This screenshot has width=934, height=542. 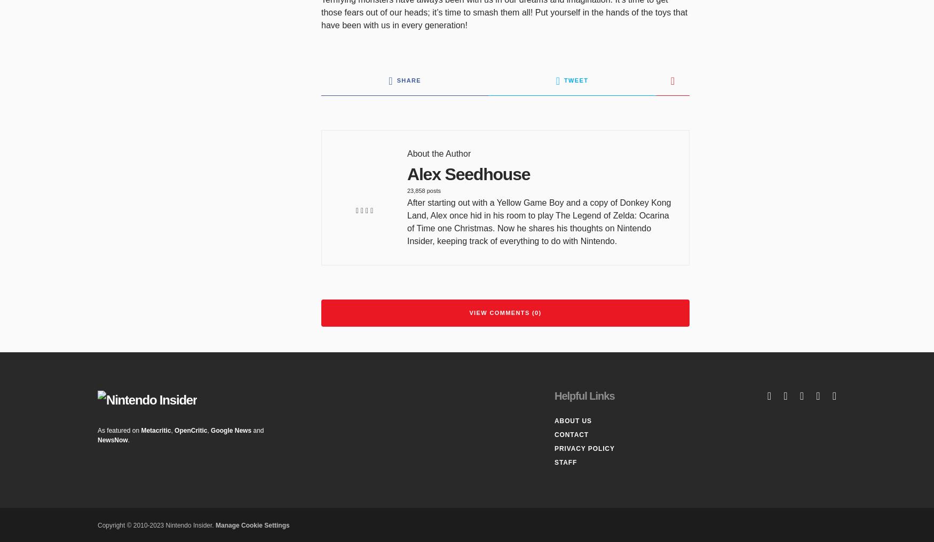 What do you see at coordinates (423, 190) in the screenshot?
I see `'23,858 posts'` at bounding box center [423, 190].